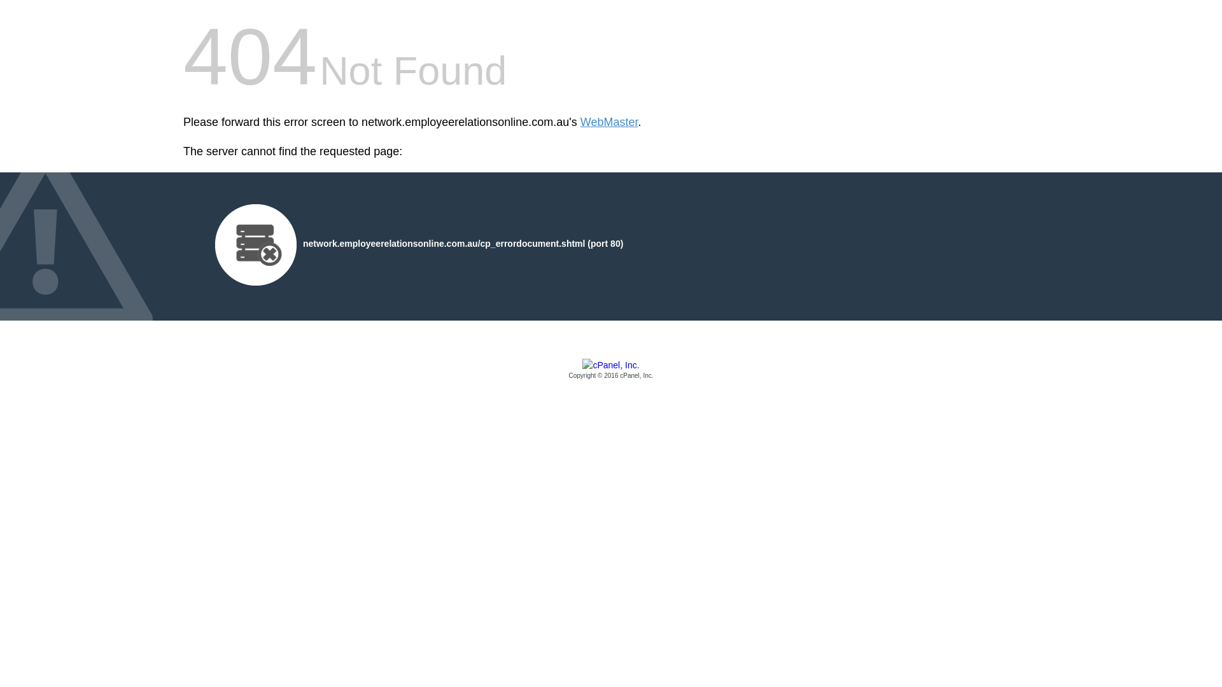 This screenshot has width=1222, height=687. What do you see at coordinates (608, 122) in the screenshot?
I see `'WebMaster'` at bounding box center [608, 122].